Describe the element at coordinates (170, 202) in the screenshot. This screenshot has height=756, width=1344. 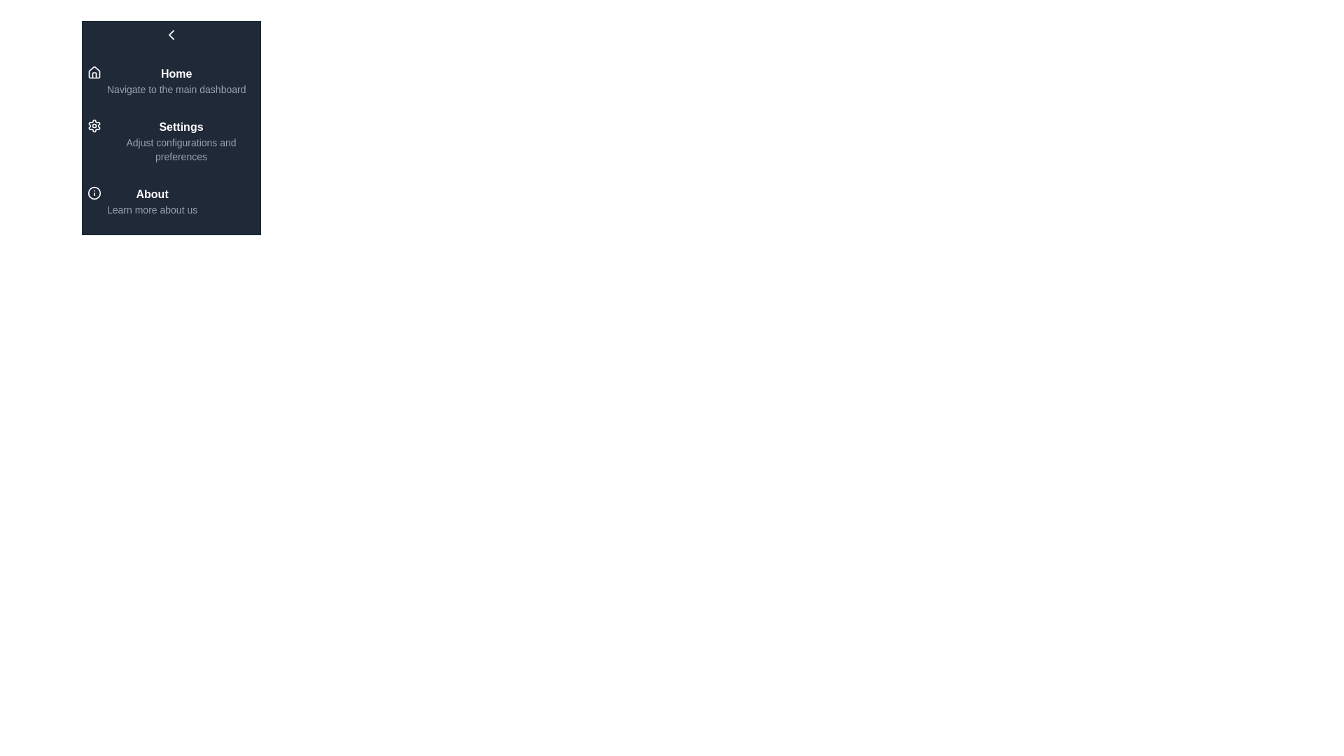
I see `the menu item About to navigate to its associated page` at that location.